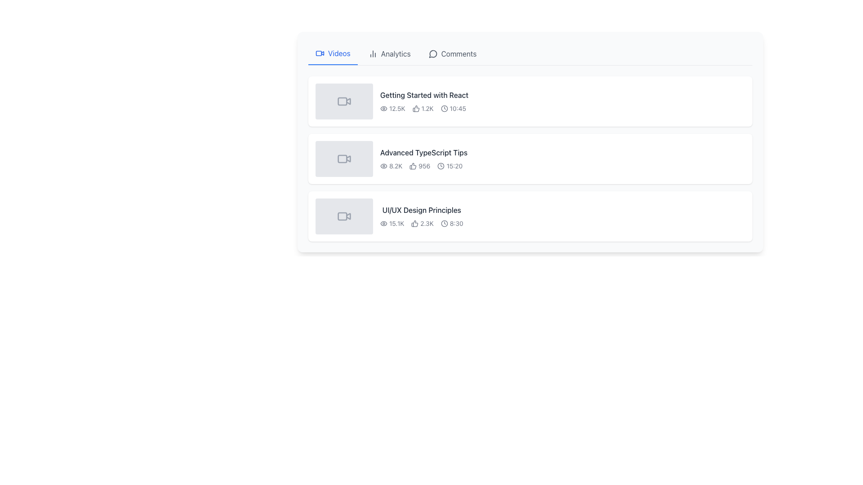 This screenshot has width=863, height=485. Describe the element at coordinates (423, 152) in the screenshot. I see `the 'Advanced TypeScript Tips' label in the second row of video entries` at that location.